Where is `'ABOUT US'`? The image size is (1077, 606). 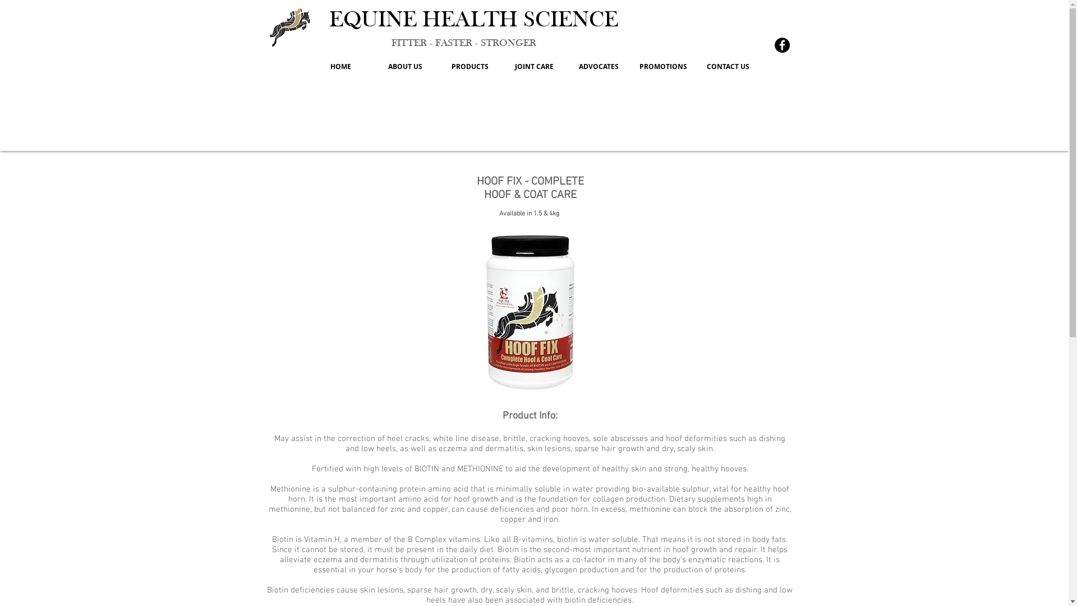 'ABOUT US' is located at coordinates (404, 67).